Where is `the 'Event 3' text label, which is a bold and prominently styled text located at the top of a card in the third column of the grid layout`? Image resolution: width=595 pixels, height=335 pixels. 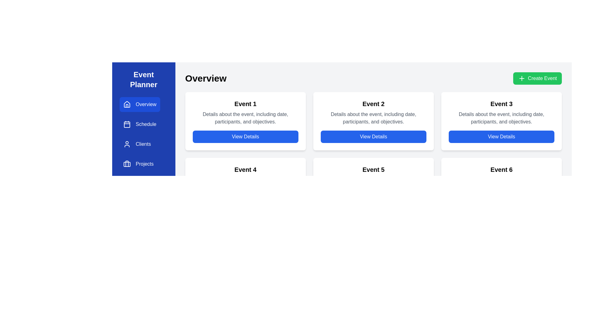
the 'Event 3' text label, which is a bold and prominently styled text located at the top of a card in the third column of the grid layout is located at coordinates (501, 104).